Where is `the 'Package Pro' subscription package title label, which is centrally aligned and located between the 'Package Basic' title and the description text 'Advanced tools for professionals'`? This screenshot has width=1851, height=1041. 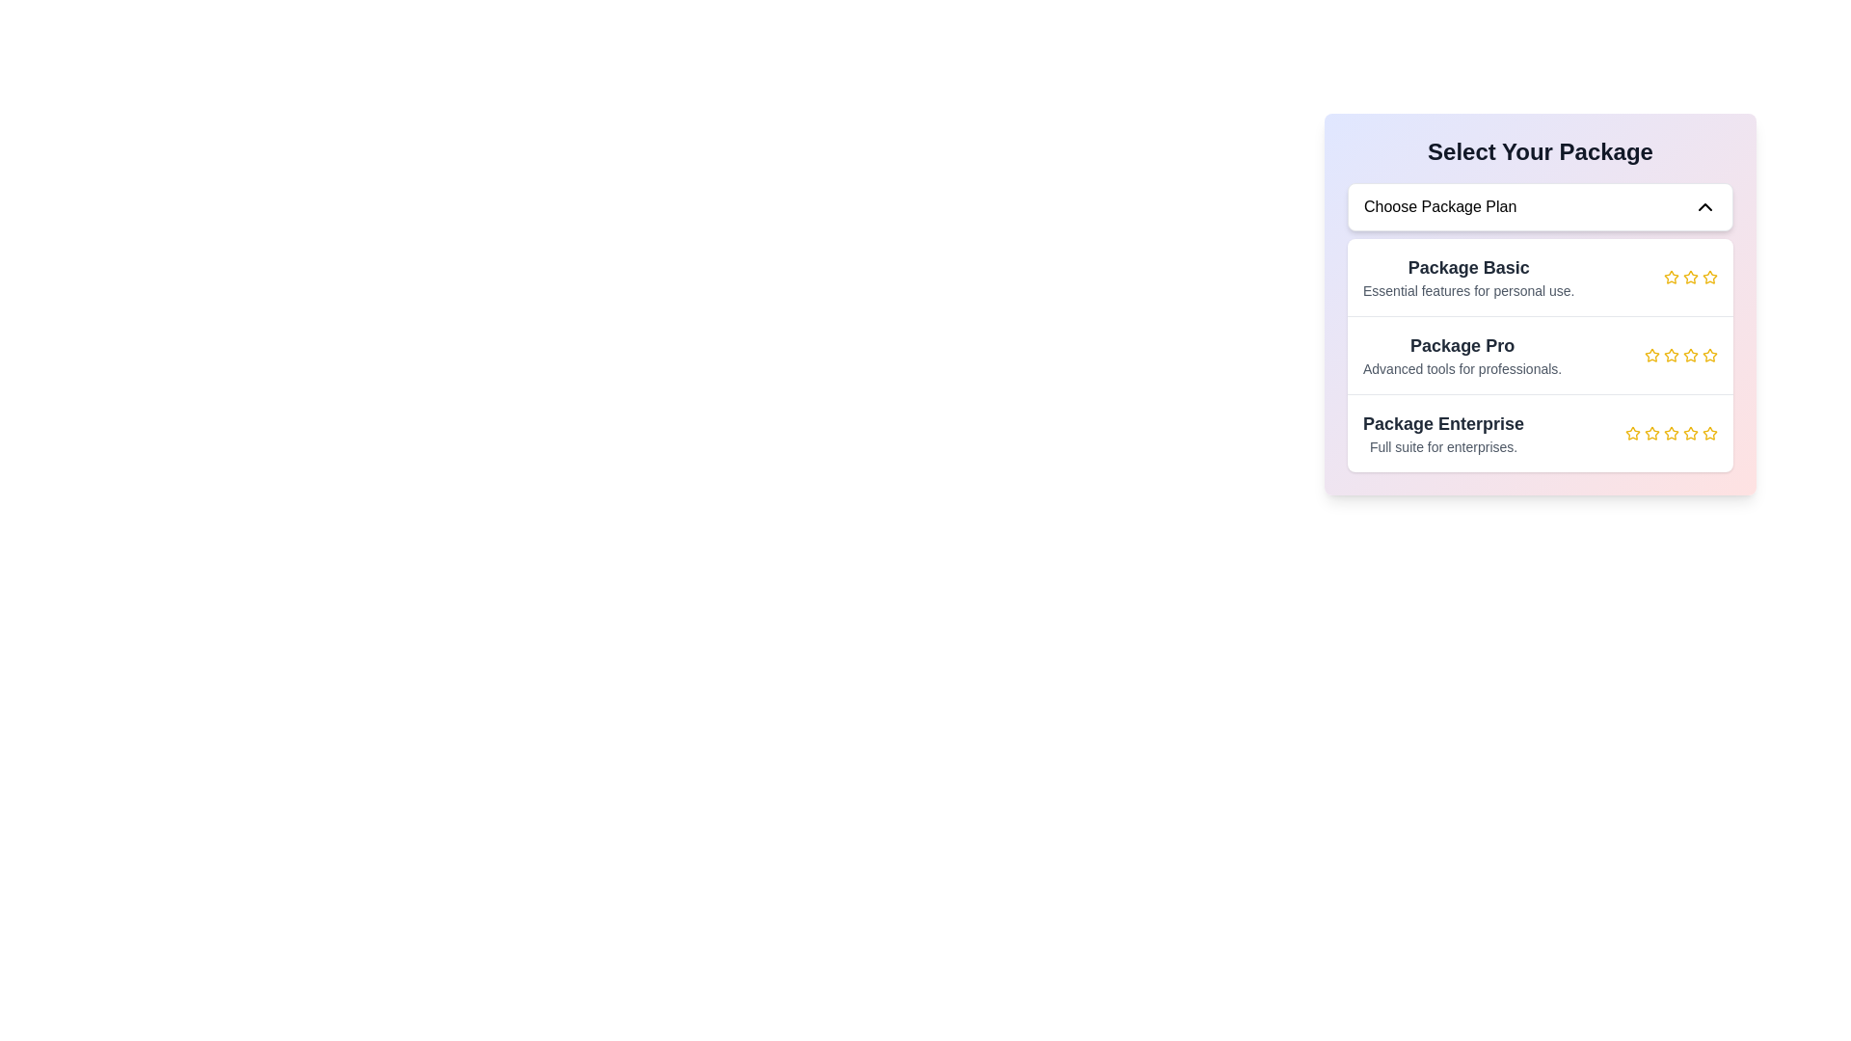 the 'Package Pro' subscription package title label, which is centrally aligned and located between the 'Package Basic' title and the description text 'Advanced tools for professionals' is located at coordinates (1462, 344).